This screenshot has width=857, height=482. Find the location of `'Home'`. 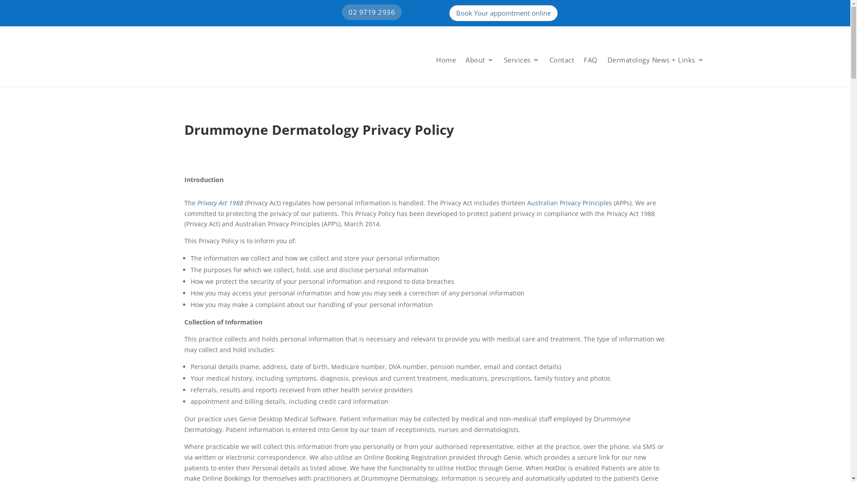

'Home' is located at coordinates (445, 60).